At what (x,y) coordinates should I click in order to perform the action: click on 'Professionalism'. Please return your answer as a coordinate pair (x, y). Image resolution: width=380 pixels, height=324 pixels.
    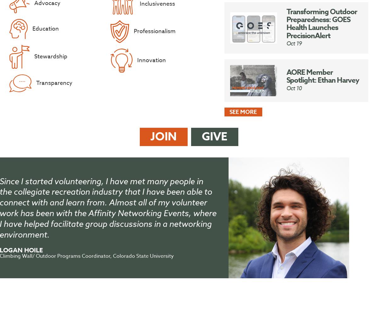
    Looking at the image, I should click on (154, 31).